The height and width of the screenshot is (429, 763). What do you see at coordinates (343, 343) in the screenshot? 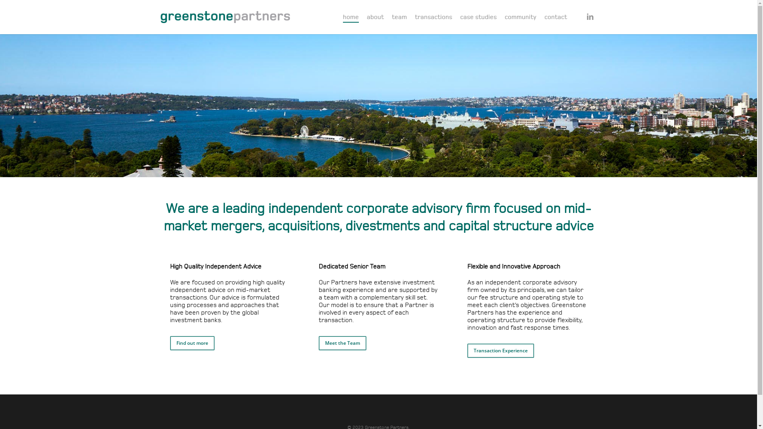
I see `'Meet the Team'` at bounding box center [343, 343].